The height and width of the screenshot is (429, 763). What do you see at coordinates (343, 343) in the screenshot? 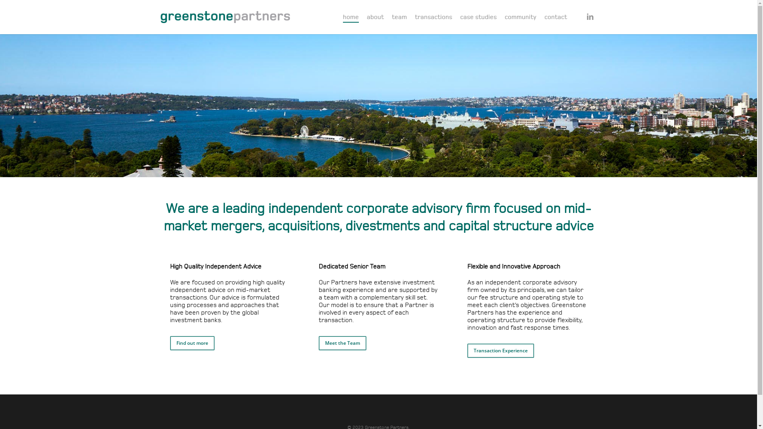
I see `'Meet the Team'` at bounding box center [343, 343].